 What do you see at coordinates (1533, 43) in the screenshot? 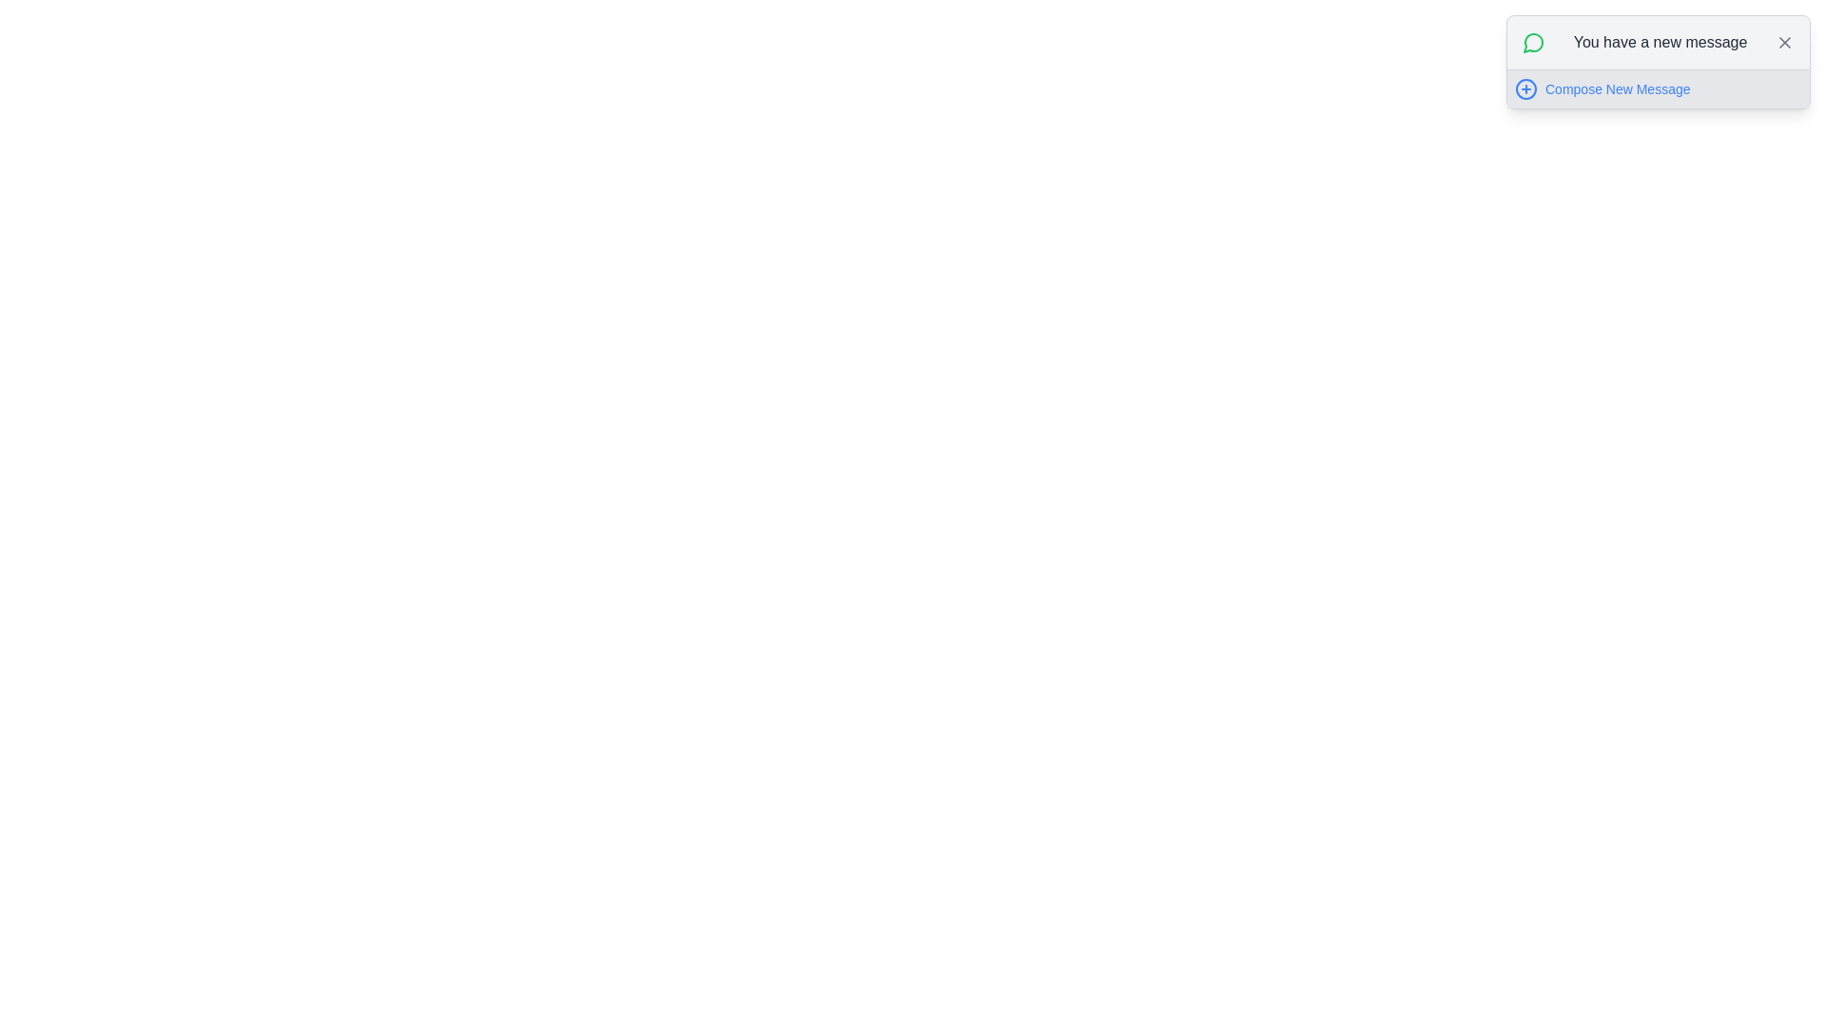
I see `the green circular speech-bubble icon located in the top-right corner of the notification panel` at bounding box center [1533, 43].